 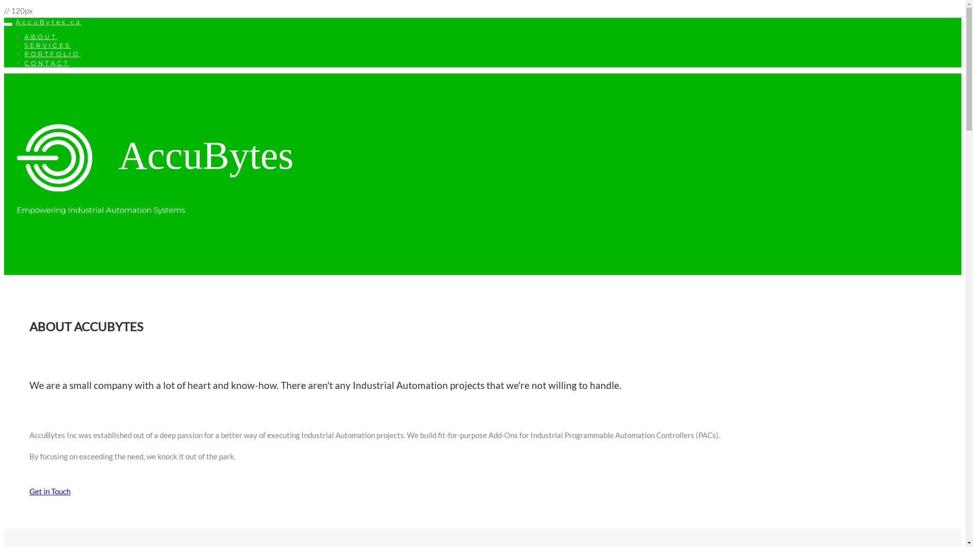 I want to click on 'CONTACT', so click(x=46, y=63).